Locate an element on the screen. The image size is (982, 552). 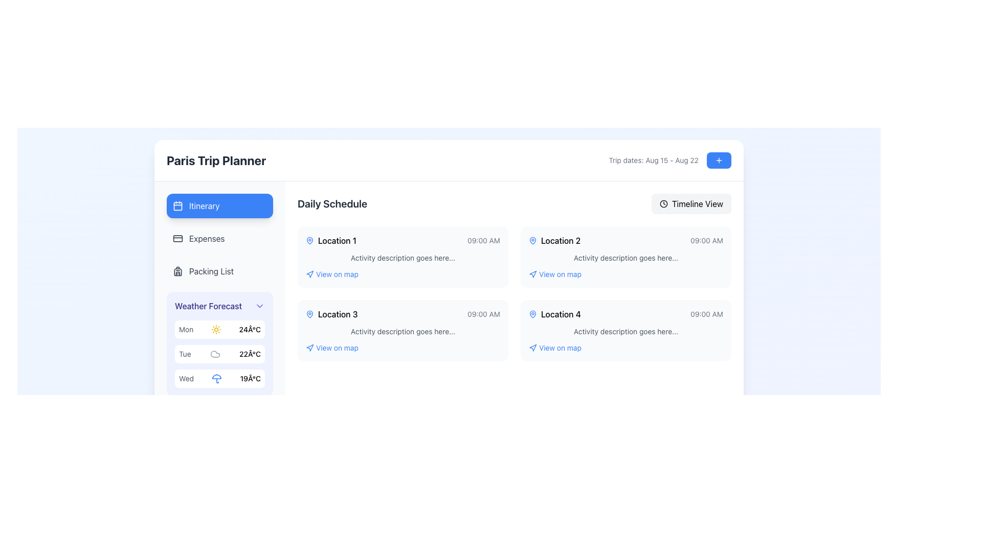
the text line reading 'Activity description goes here...' located centrally in the third schedule card under 'Location 3' and '09:00 AM' is located at coordinates (402, 331).